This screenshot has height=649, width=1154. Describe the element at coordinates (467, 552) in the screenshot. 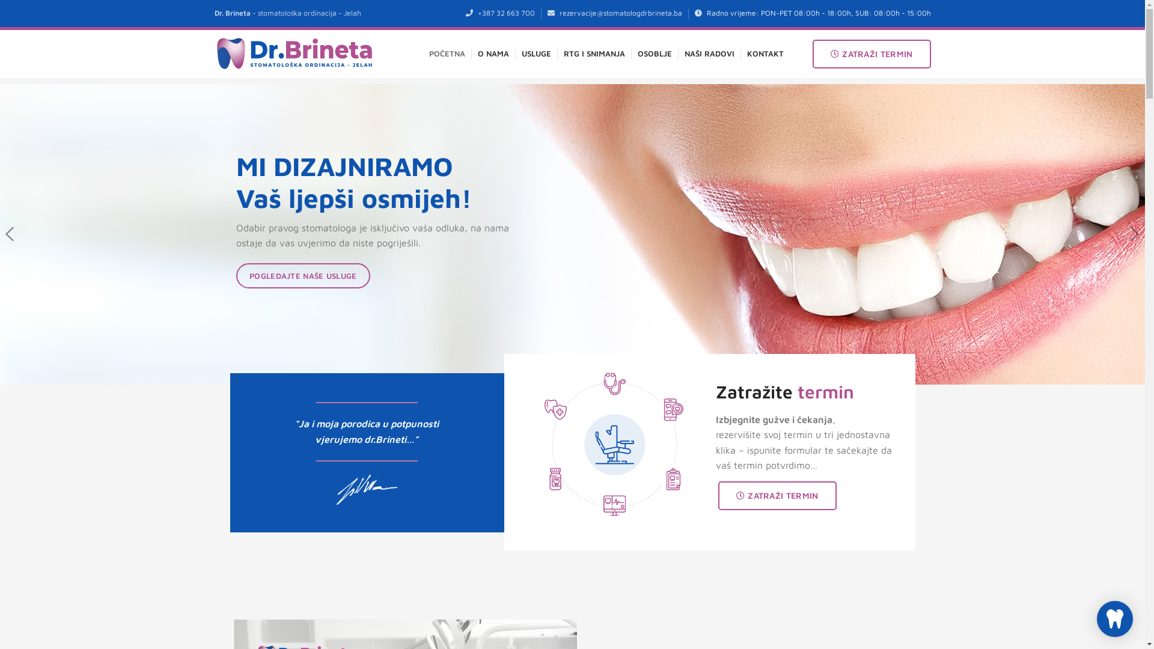

I see `'GALERIJA'` at that location.